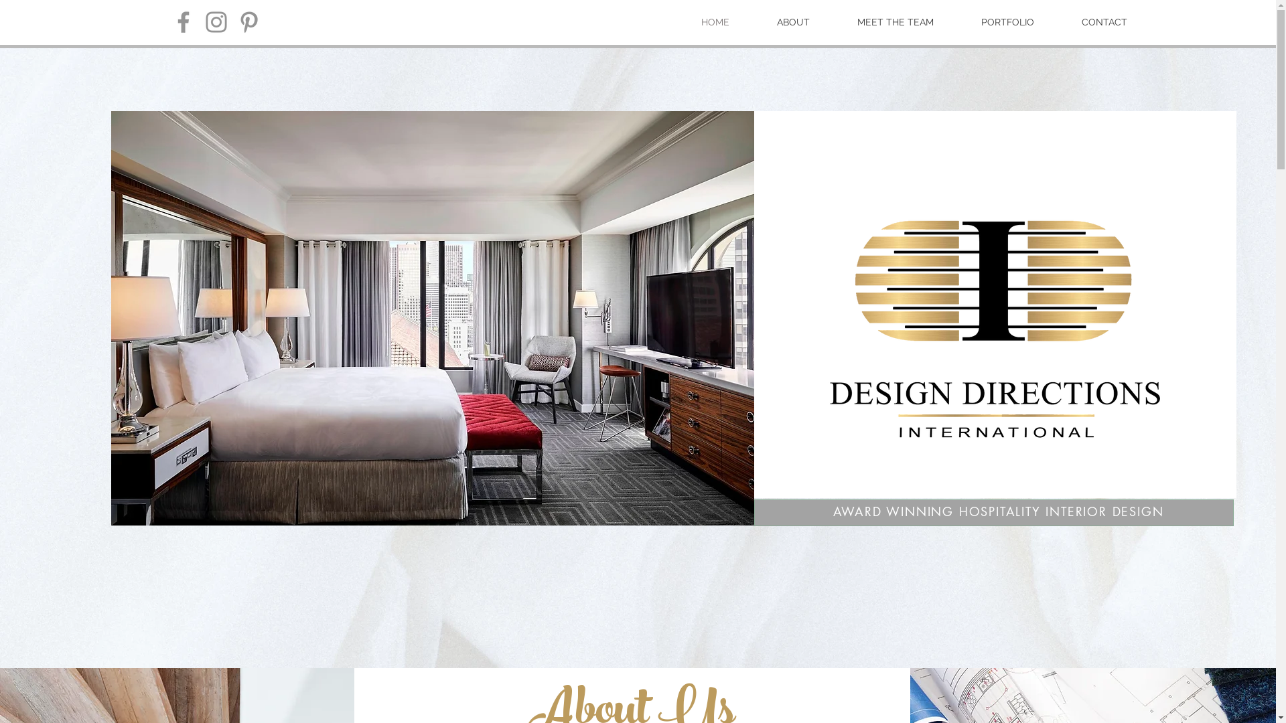 The height and width of the screenshot is (723, 1286). Describe the element at coordinates (895, 22) in the screenshot. I see `'MEET THE TEAM'` at that location.